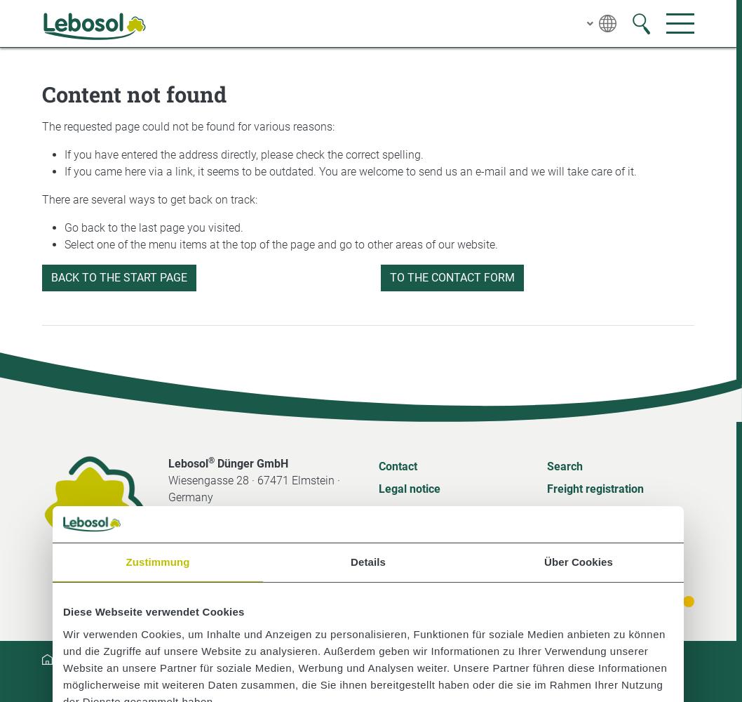  Describe the element at coordinates (185, 524) in the screenshot. I see `'Phone:'` at that location.